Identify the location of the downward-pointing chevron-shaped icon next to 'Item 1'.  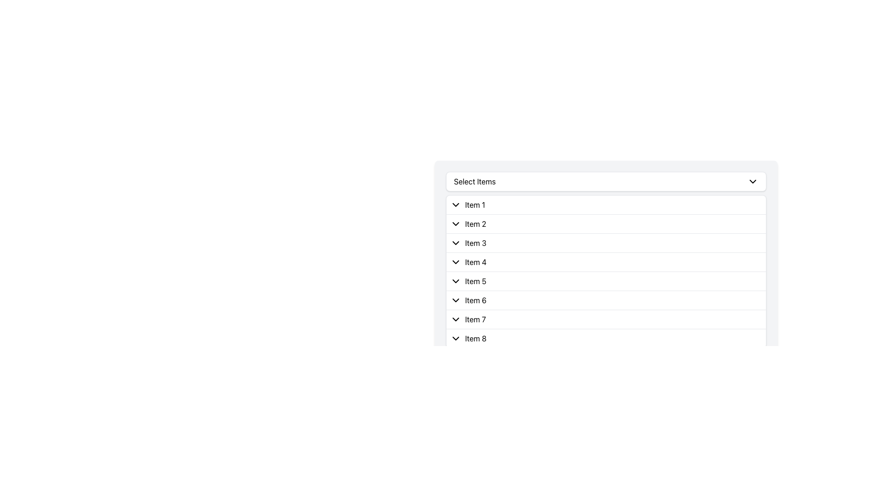
(456, 204).